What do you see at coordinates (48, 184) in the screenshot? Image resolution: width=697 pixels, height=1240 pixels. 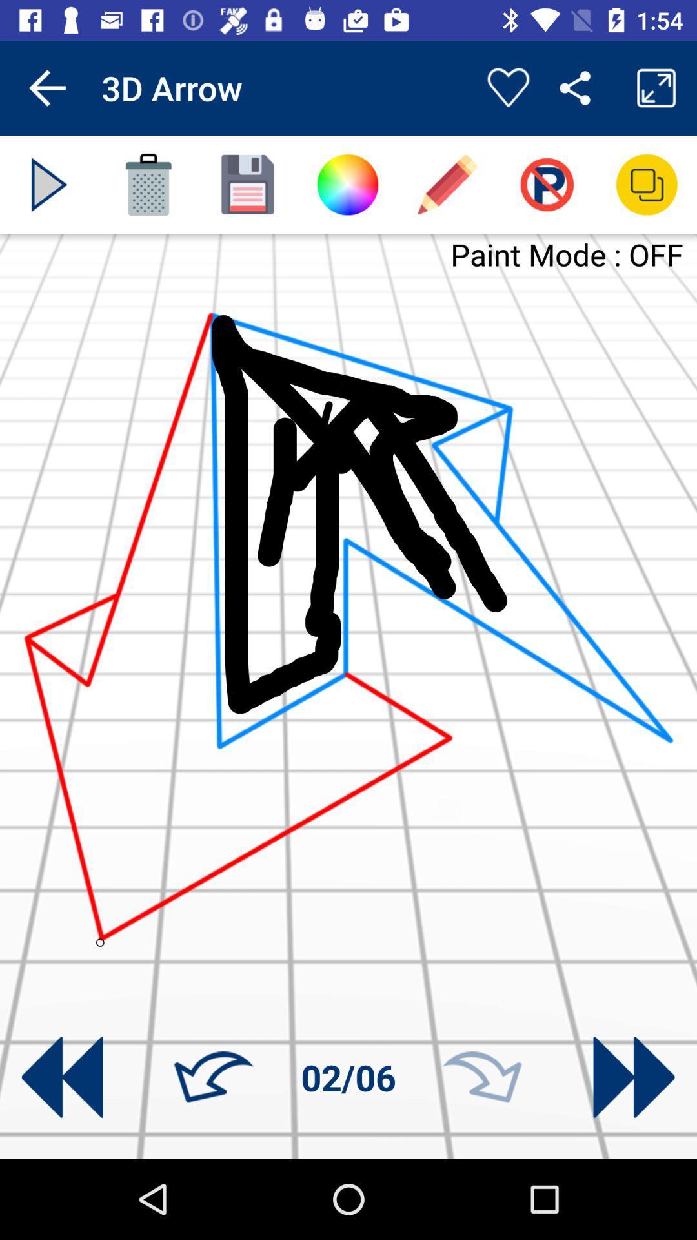 I see `next` at bounding box center [48, 184].